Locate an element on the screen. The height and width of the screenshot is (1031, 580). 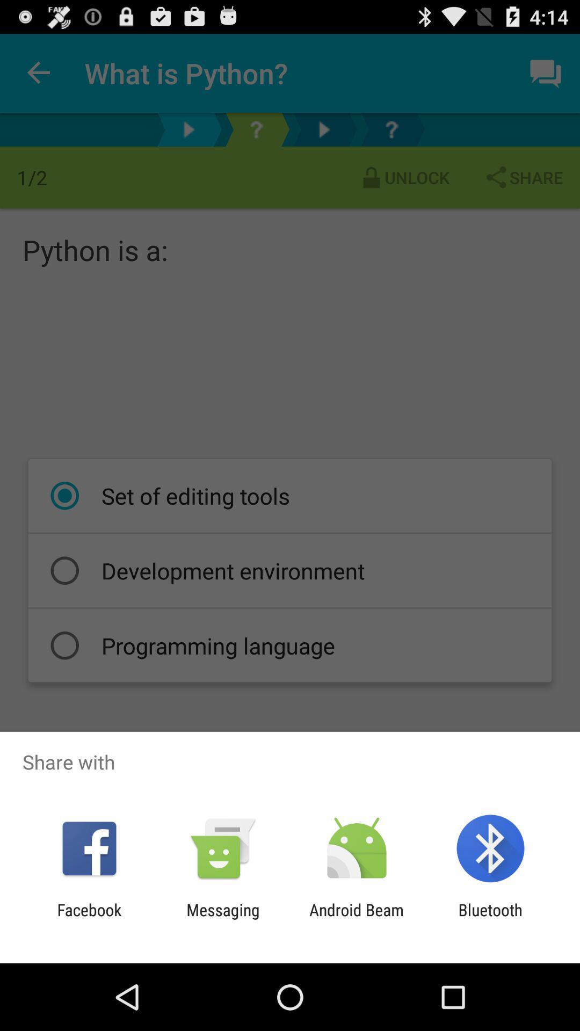
app next to the messaging item is located at coordinates (89, 919).